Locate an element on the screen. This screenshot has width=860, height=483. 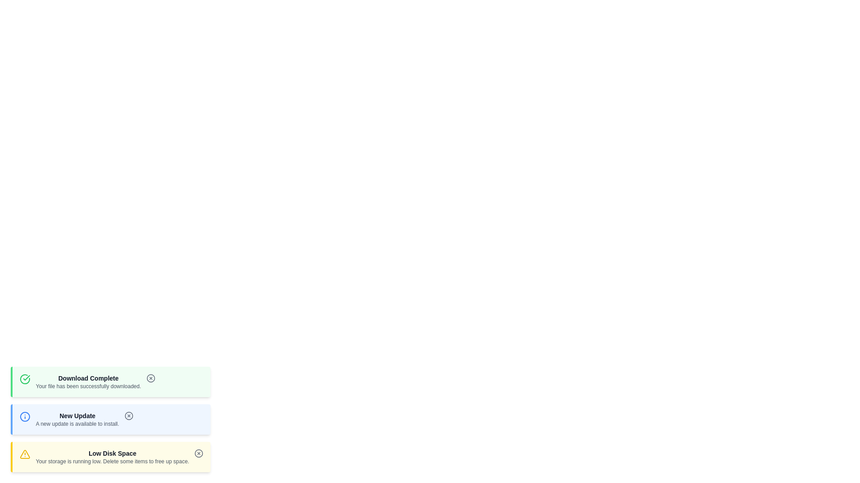
the icon corresponding to the notification type success is located at coordinates (25, 379).